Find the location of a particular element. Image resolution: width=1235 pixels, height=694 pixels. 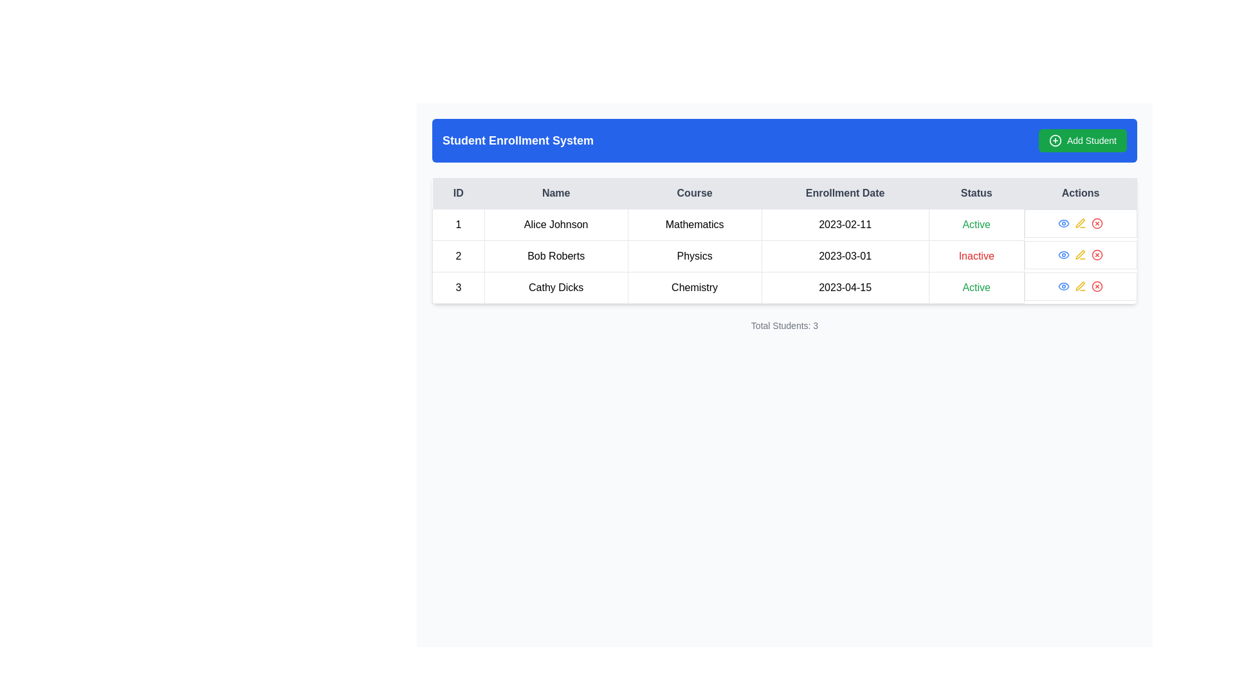

the delete button in the 'Actions' column of the third row in the table is located at coordinates (1097, 222).